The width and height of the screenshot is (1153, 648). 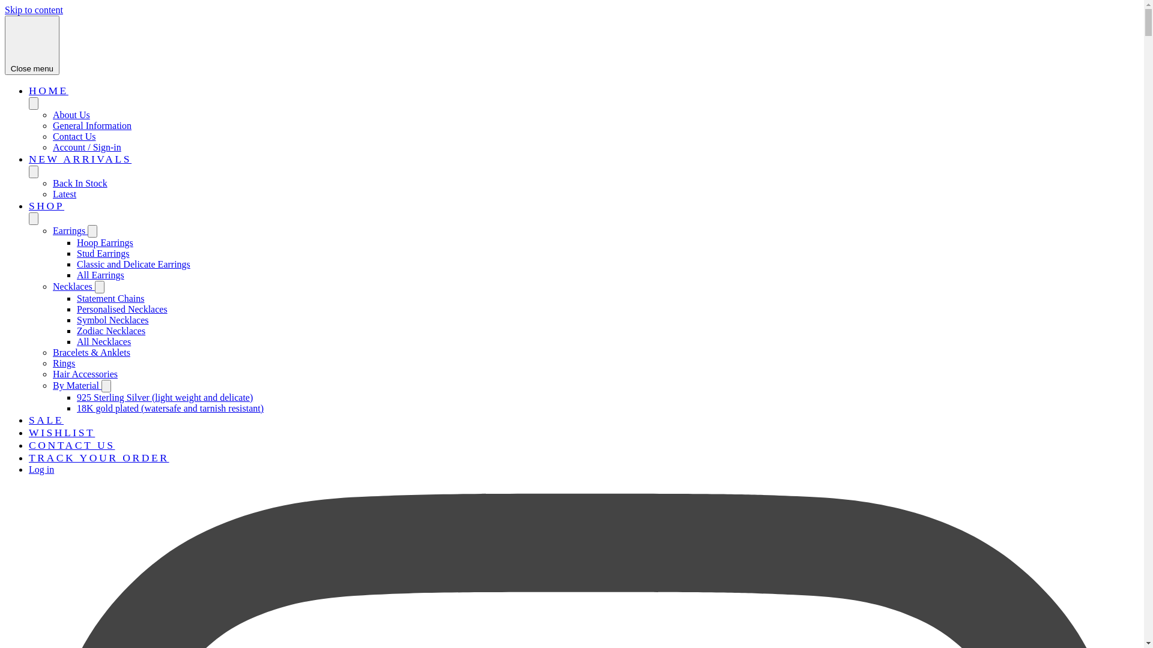 What do you see at coordinates (133, 263) in the screenshot?
I see `'Classic and Delicate Earrings'` at bounding box center [133, 263].